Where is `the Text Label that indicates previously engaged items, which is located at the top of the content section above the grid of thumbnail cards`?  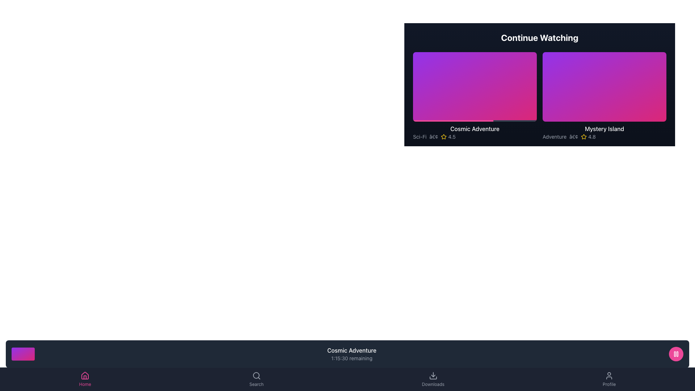
the Text Label that indicates previously engaged items, which is located at the top of the content section above the grid of thumbnail cards is located at coordinates (540, 38).